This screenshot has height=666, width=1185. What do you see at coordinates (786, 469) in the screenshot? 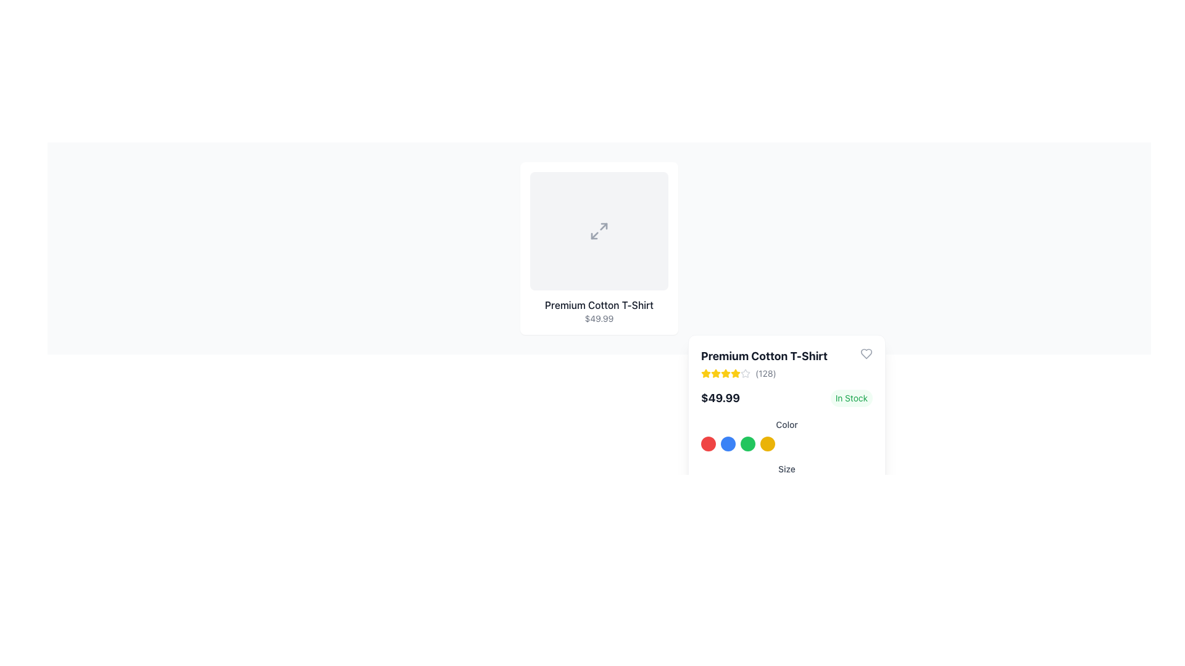
I see `the Text label that serves as a title for the size selection options, positioned above the buttons (XS, S, M, L, XL)` at bounding box center [786, 469].